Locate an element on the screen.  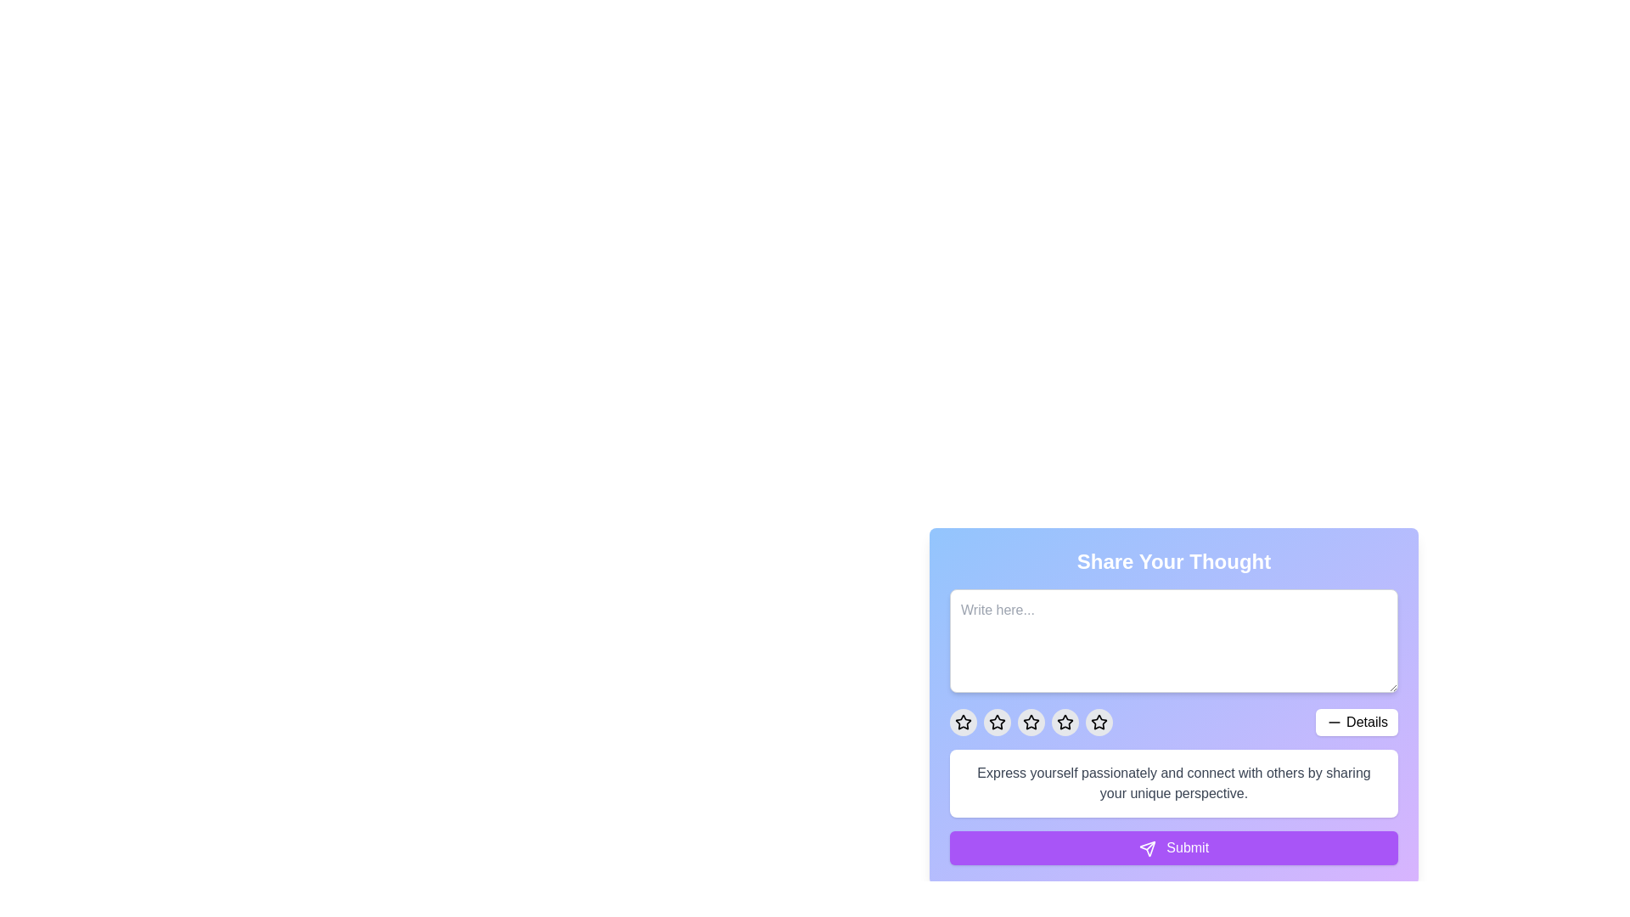
the fourth circular rating button with a star outline icon in its center is located at coordinates (998, 723).